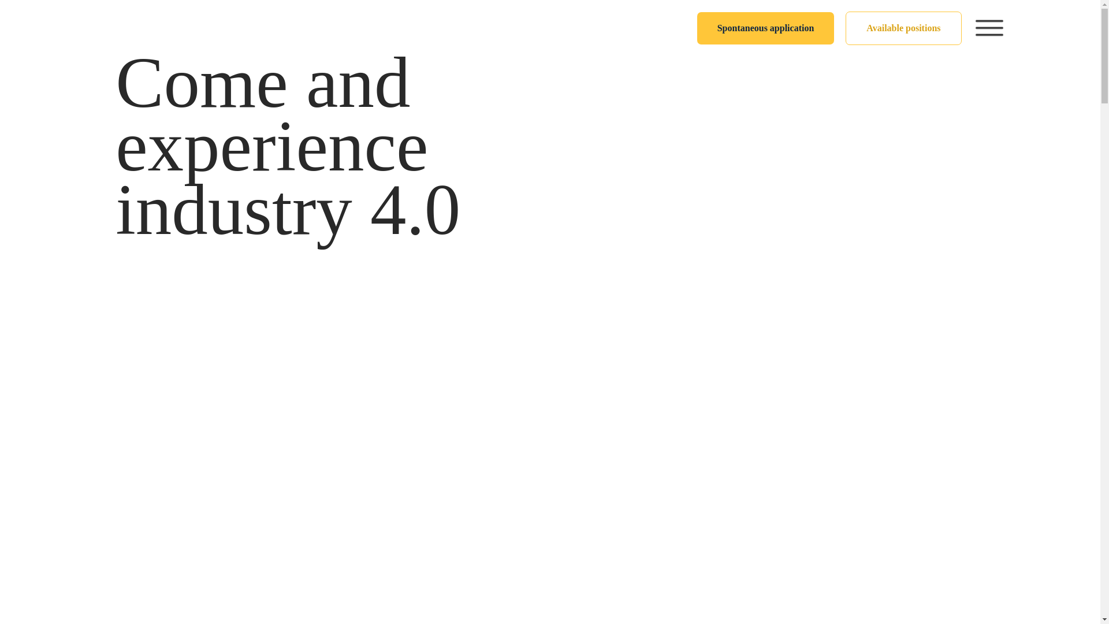  Describe the element at coordinates (765, 28) in the screenshot. I see `'Spontaneous application'` at that location.